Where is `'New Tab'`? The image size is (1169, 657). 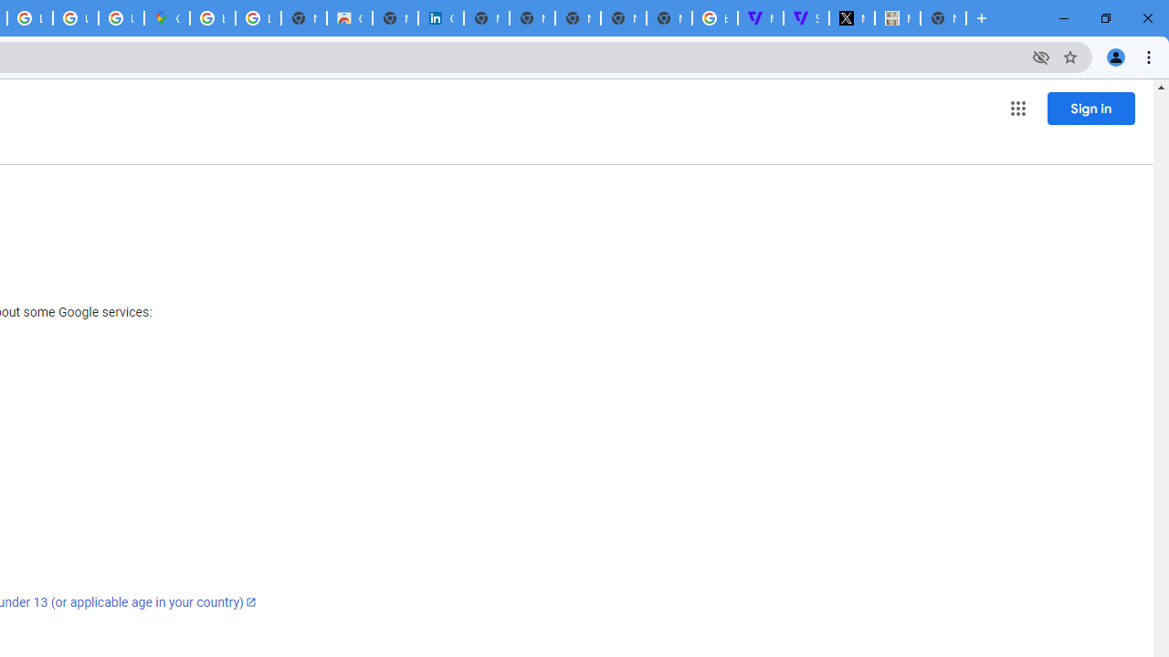
'New Tab' is located at coordinates (943, 18).